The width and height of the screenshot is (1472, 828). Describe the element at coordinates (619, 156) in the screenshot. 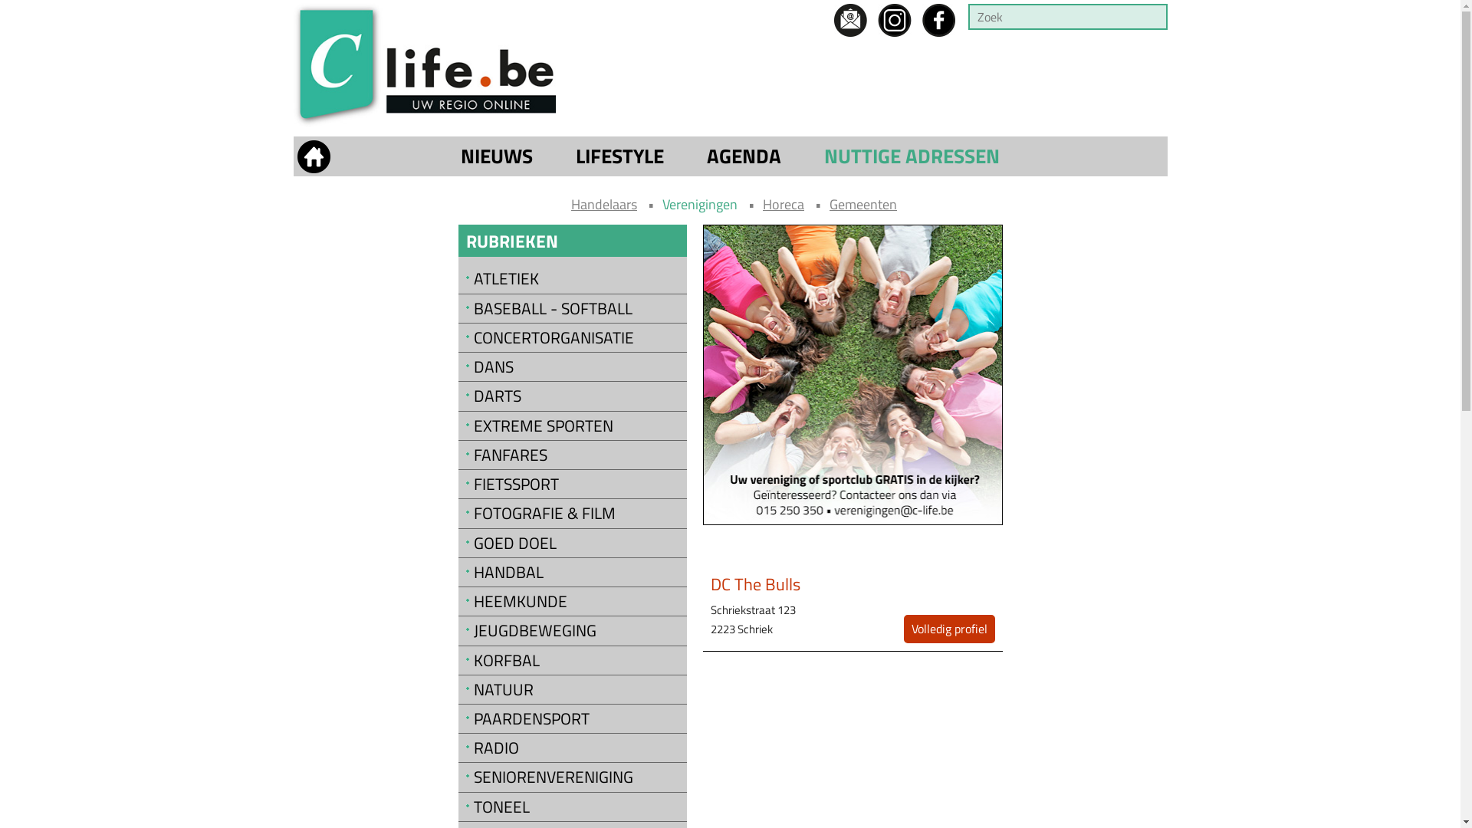

I see `'LIFESTYLE'` at that location.